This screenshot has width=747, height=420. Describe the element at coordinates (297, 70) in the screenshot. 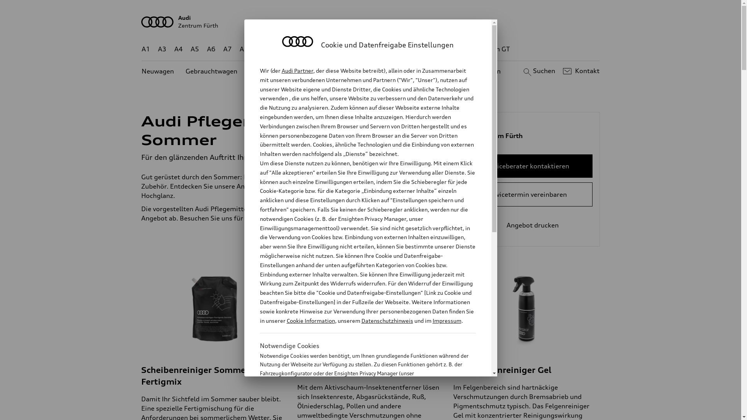

I see `'Audi Partner'` at that location.